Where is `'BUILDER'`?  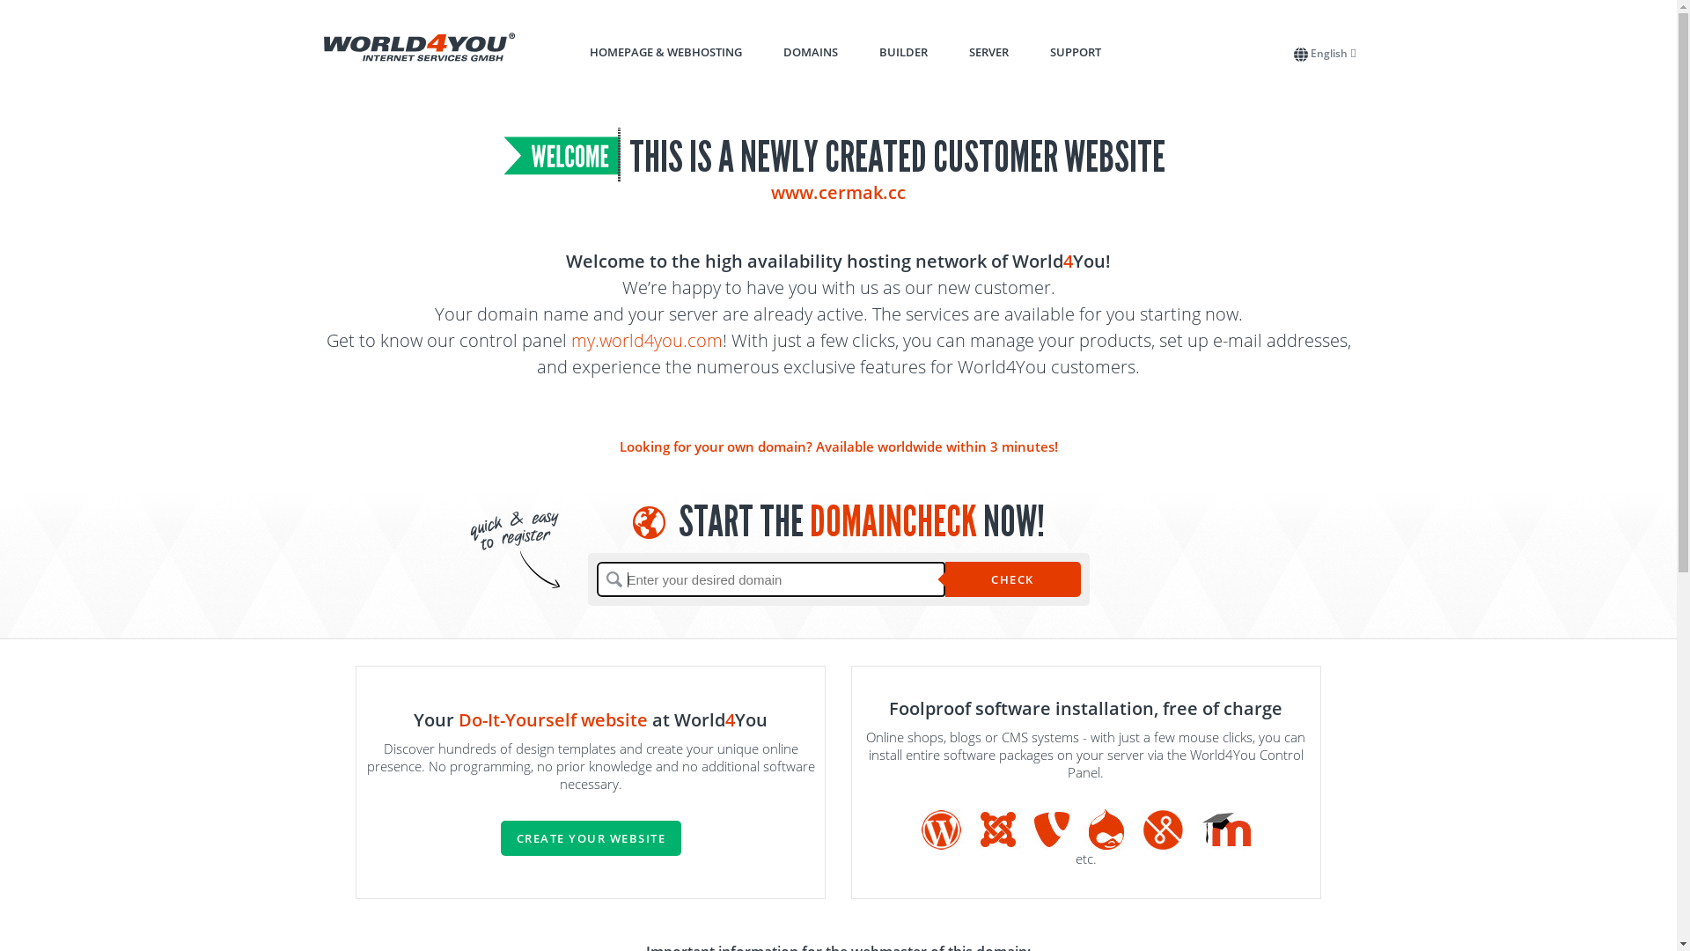 'BUILDER' is located at coordinates (902, 50).